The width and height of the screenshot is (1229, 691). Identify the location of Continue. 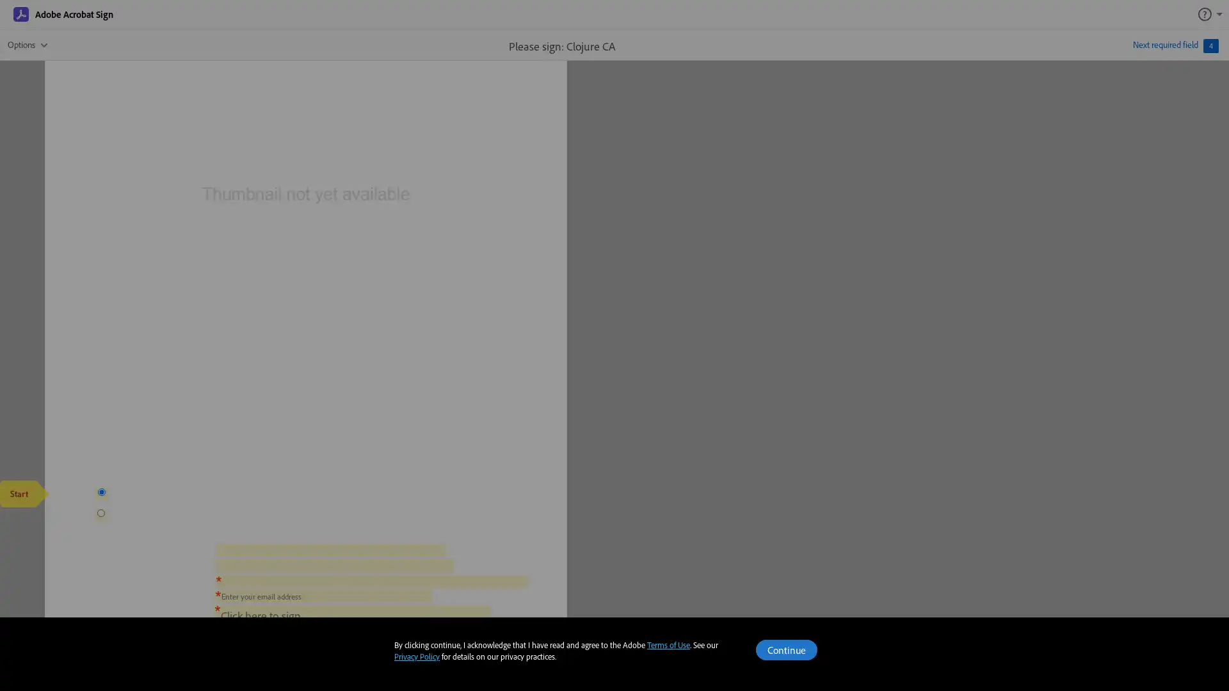
(785, 649).